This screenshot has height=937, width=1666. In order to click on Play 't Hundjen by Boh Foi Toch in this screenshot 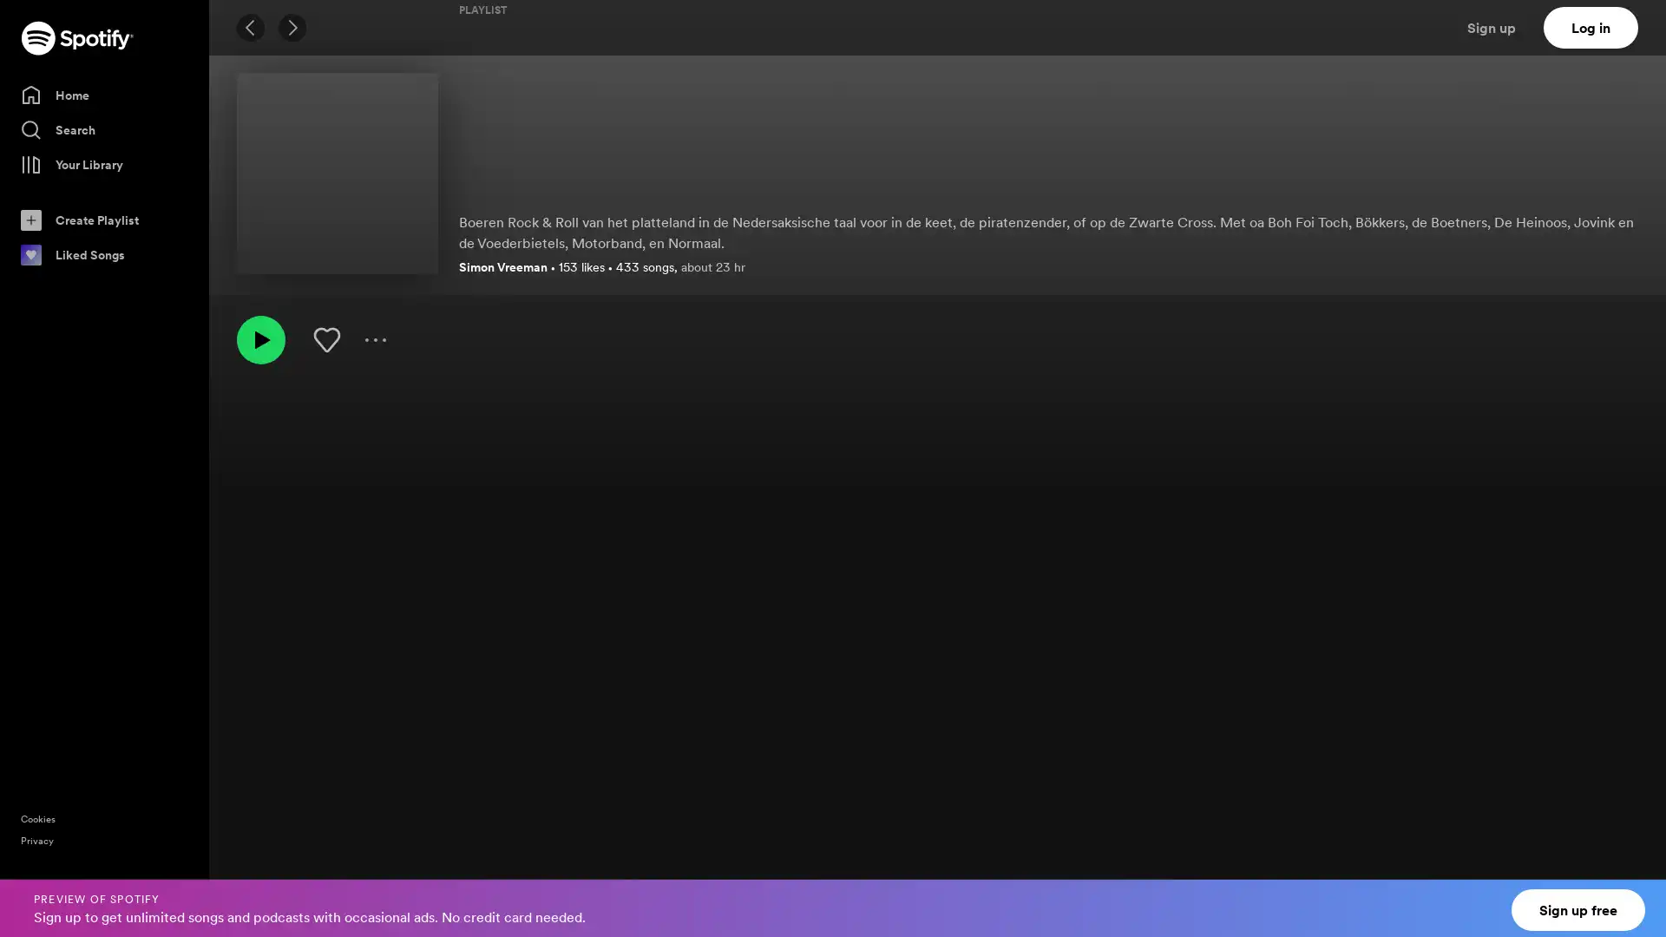, I will do `click(258, 893)`.